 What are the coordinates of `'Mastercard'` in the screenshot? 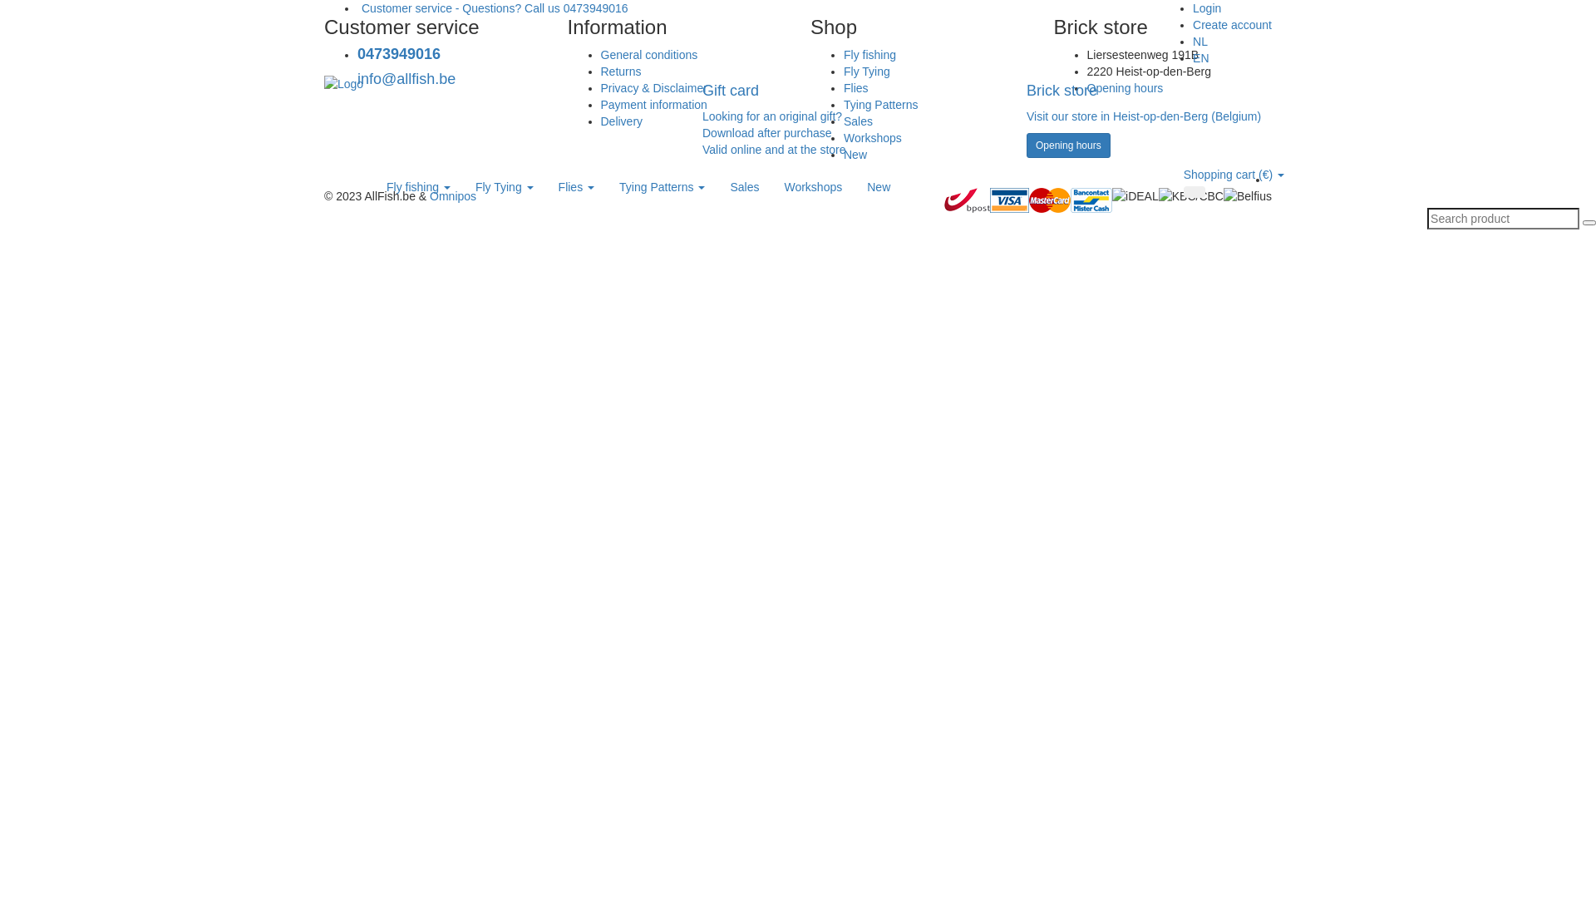 It's located at (1048, 199).